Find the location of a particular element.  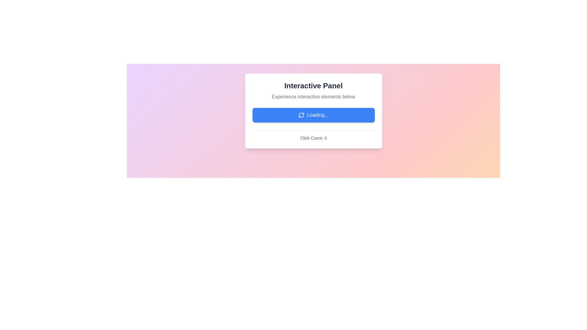

the static text element that describes the purpose of the interactive panel, located below the 'Interactive Panel' heading and above the 'Loading...' blue button is located at coordinates (313, 96).